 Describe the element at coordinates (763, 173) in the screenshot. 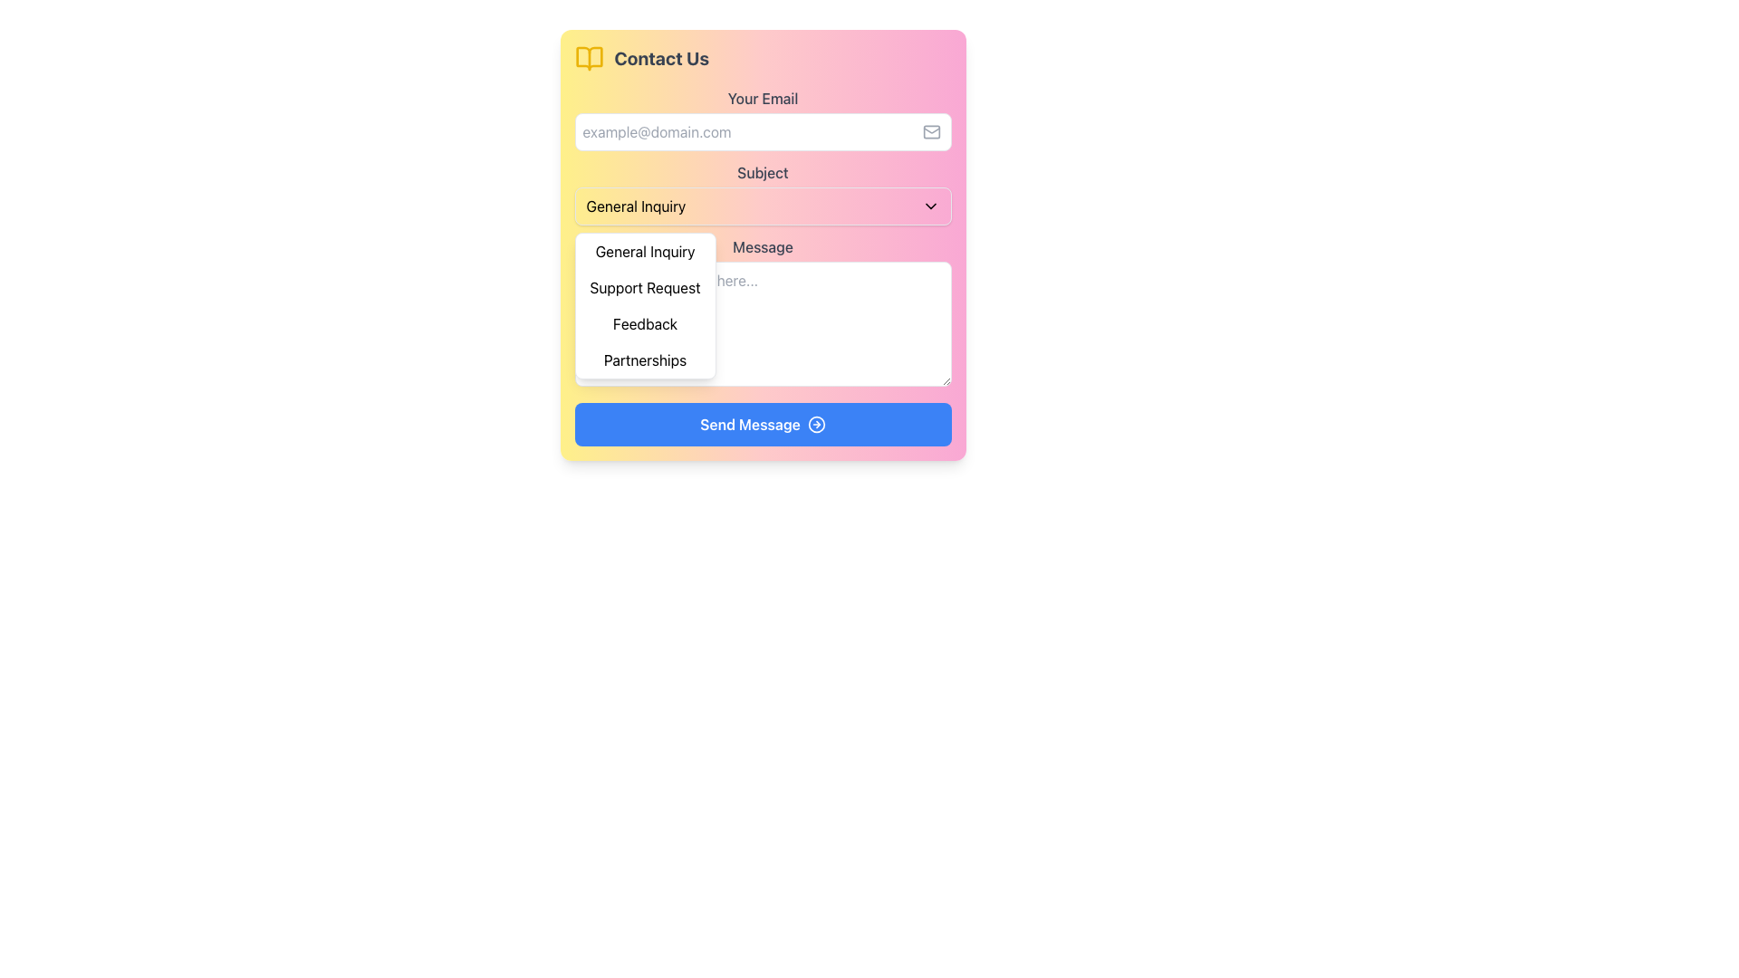

I see `the bold, gray text label positioned above the 'General Inquiry' dropdown menu, aligned to its left, within the form section` at that location.